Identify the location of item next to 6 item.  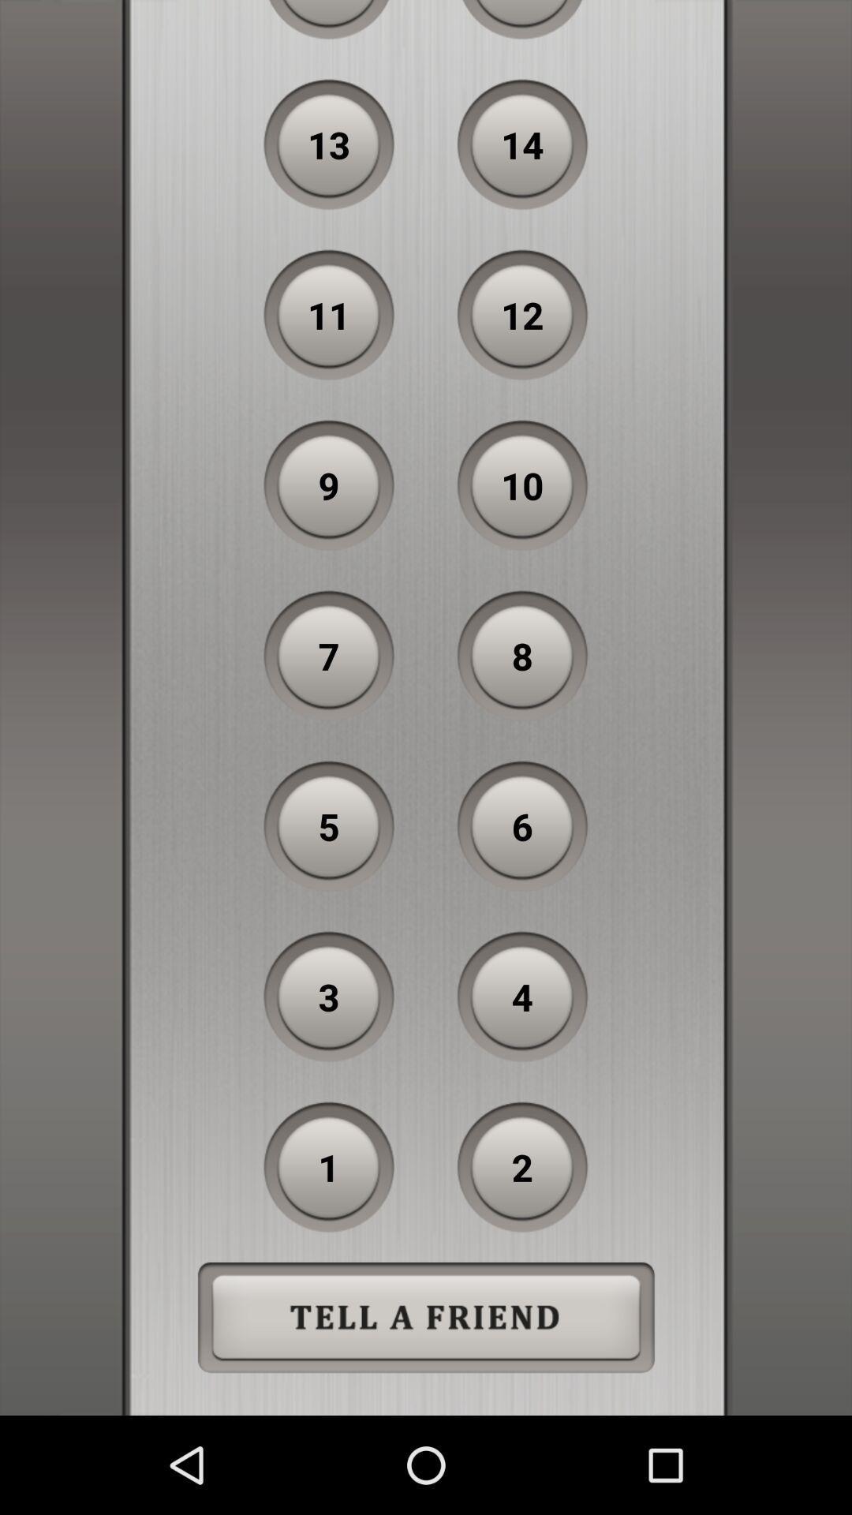
(328, 825).